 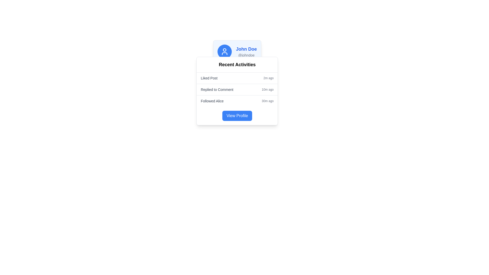 I want to click on the user avatar icon, which is a static visual representation situated inside a circular blue background, located above the text 'John Doe' in the profile header, so click(x=224, y=52).